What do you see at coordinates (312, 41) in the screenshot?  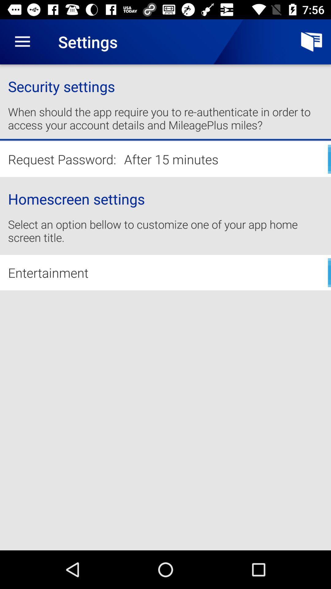 I see `the icon next to settings icon` at bounding box center [312, 41].